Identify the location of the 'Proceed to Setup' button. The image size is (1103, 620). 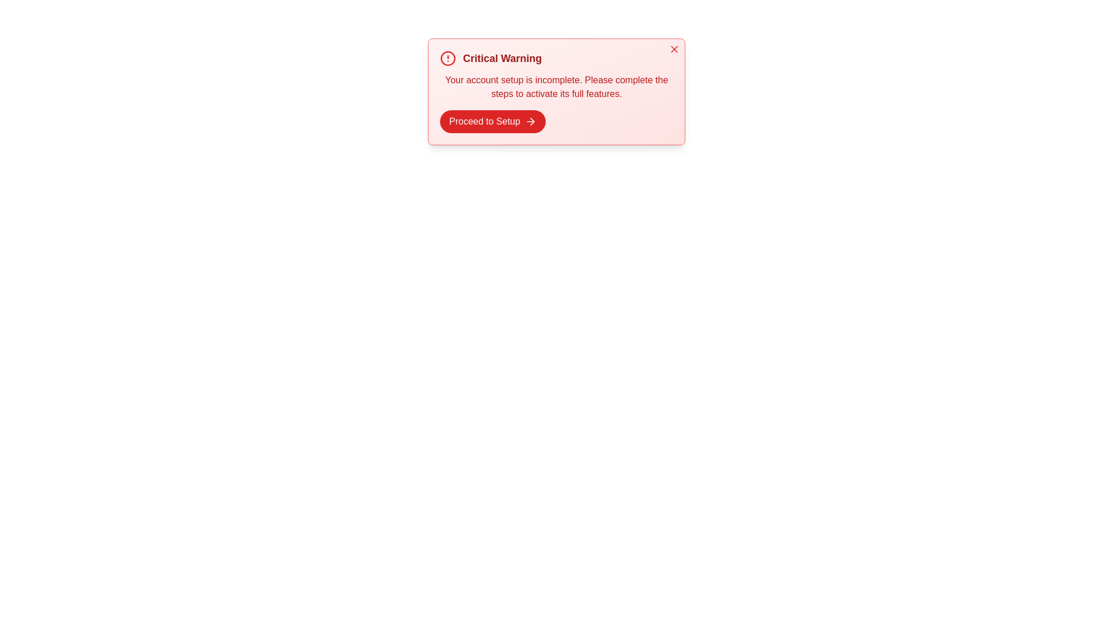
(492, 122).